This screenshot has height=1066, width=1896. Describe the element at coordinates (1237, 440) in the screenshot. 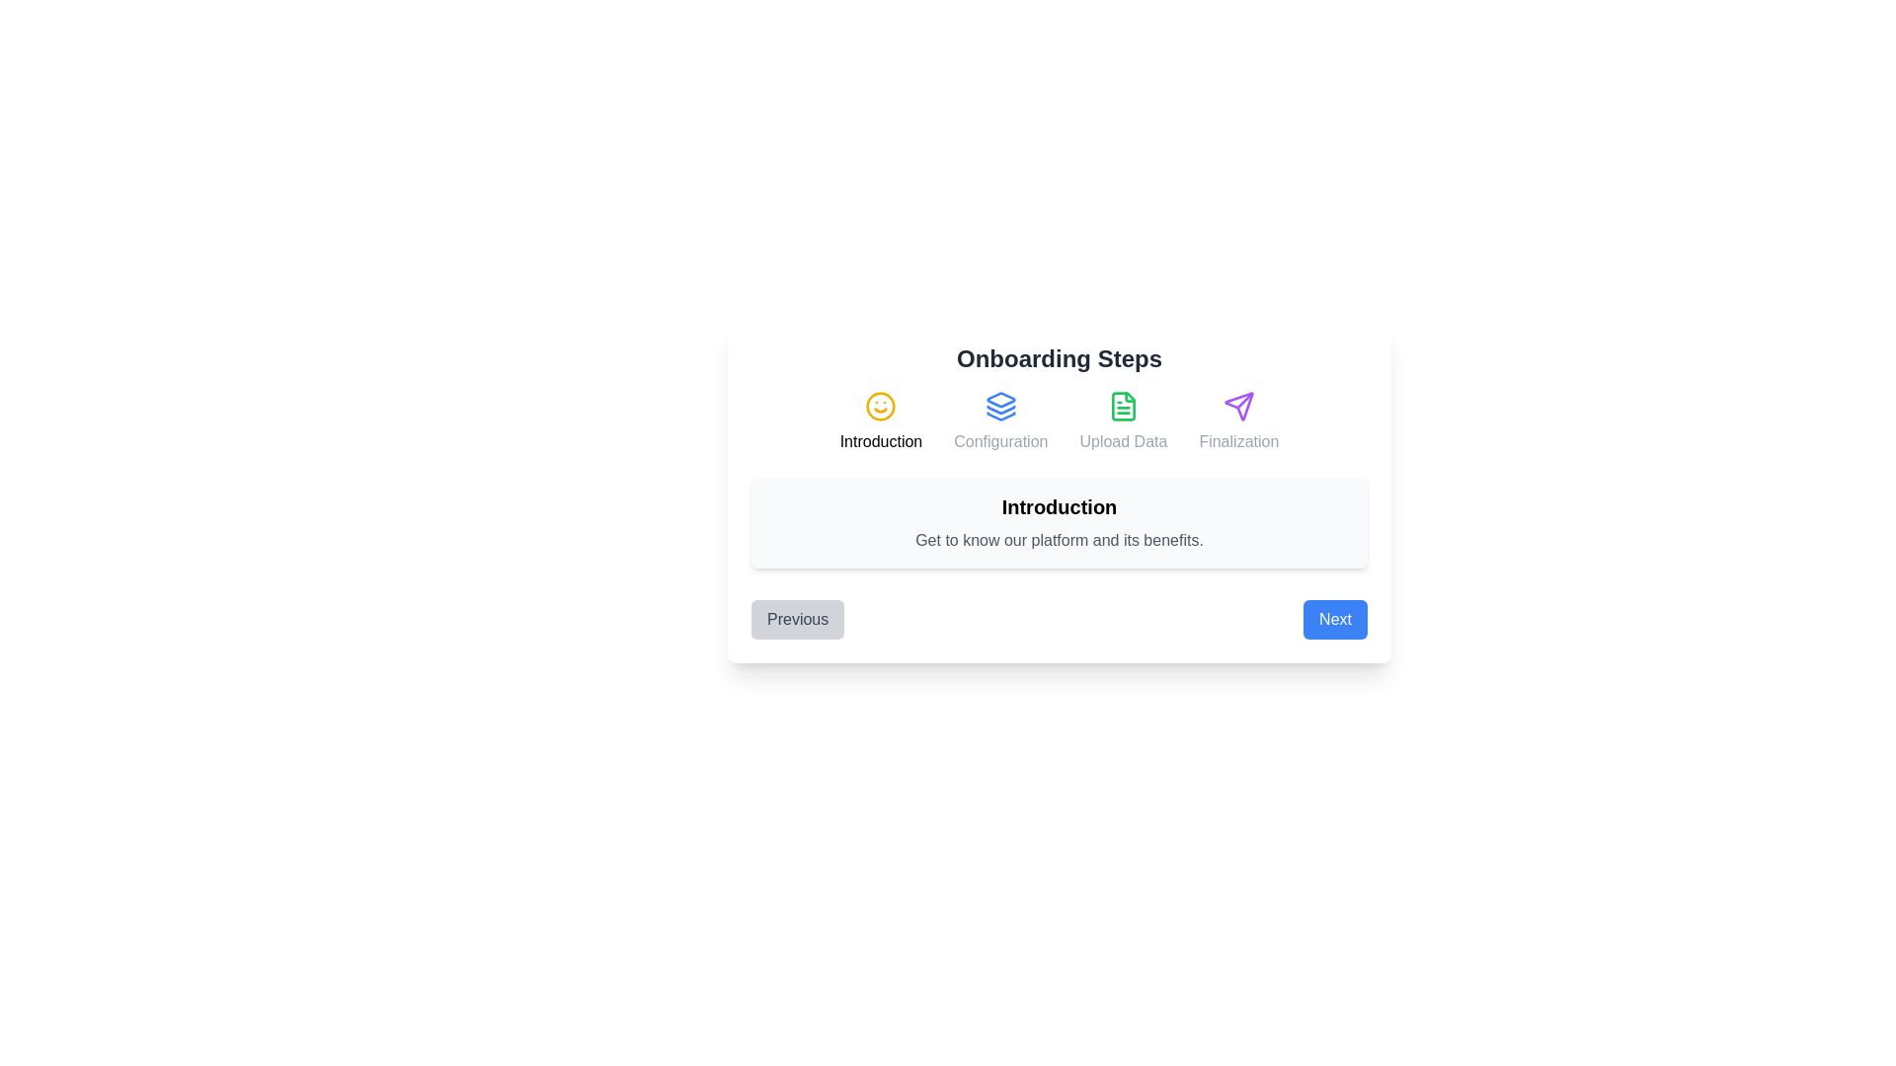

I see `the 'Finalization' text label element, which is styled with a medium weight font in gray color and indicates a step in a process, positioned below an arrow icon` at that location.